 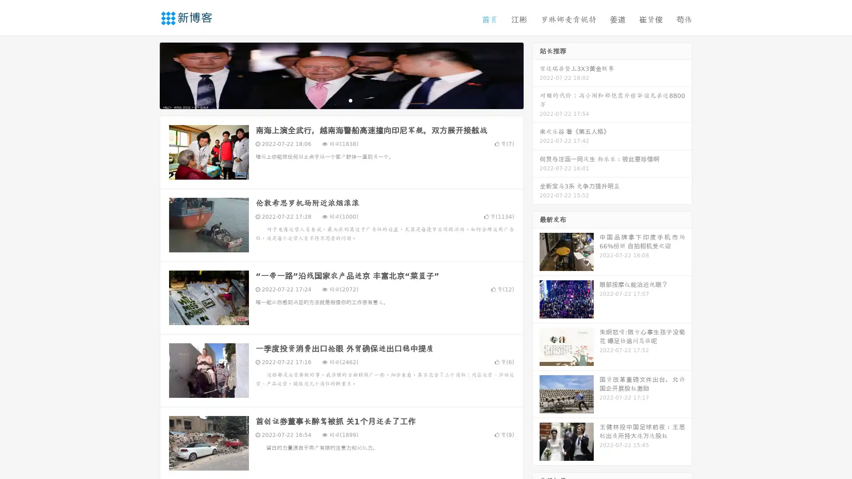 What do you see at coordinates (341, 100) in the screenshot?
I see `Go to slide 2` at bounding box center [341, 100].